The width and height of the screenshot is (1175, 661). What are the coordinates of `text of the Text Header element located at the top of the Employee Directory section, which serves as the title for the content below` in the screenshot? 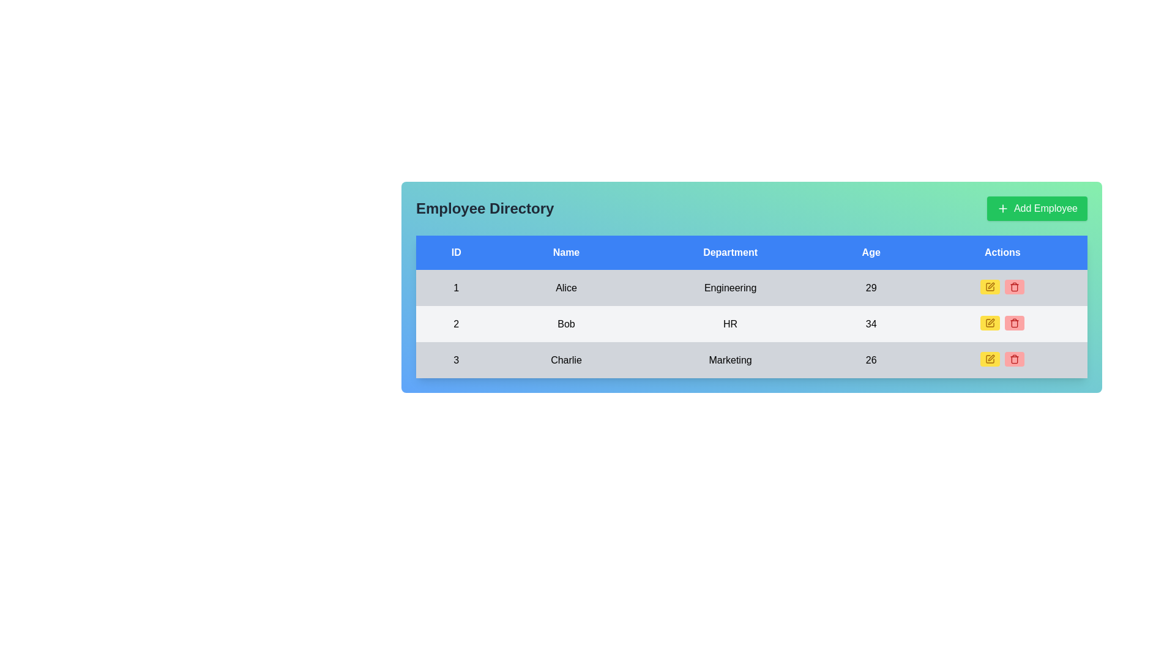 It's located at (484, 207).